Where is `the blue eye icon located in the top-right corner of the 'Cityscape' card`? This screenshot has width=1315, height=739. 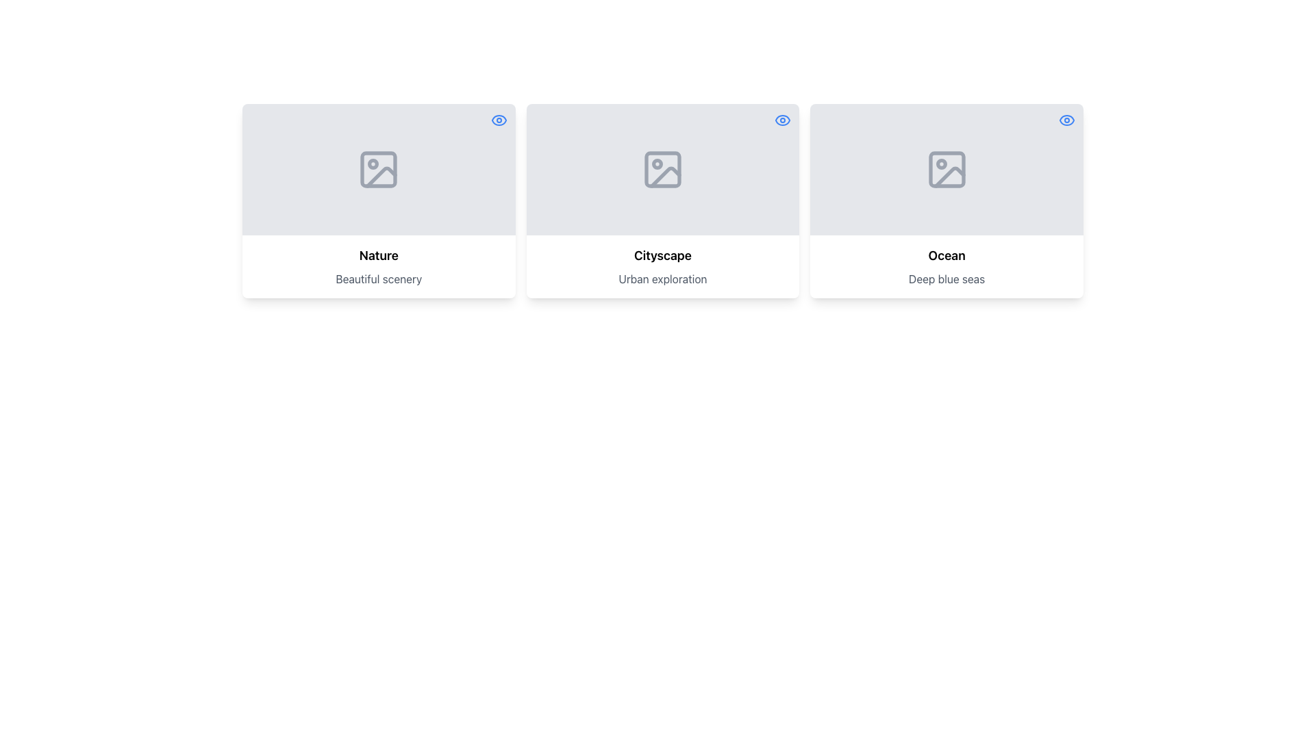 the blue eye icon located in the top-right corner of the 'Cityscape' card is located at coordinates (783, 120).